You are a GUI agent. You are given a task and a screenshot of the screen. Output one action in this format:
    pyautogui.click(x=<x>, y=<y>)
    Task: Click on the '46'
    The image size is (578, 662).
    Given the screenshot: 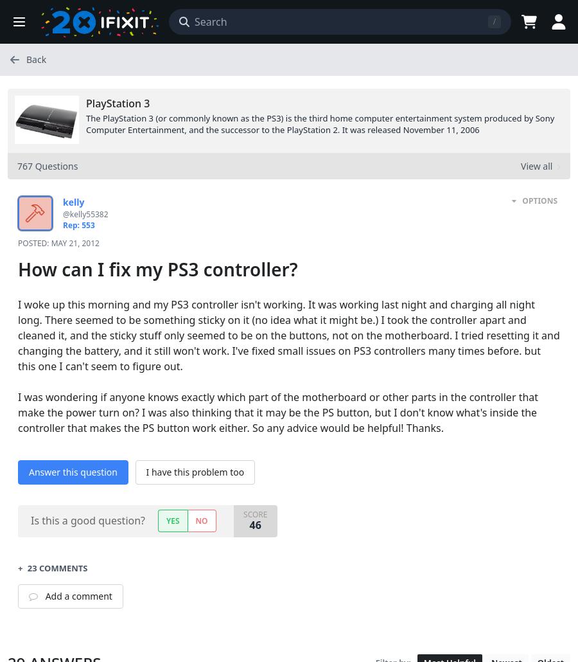 What is the action you would take?
    pyautogui.click(x=254, y=523)
    